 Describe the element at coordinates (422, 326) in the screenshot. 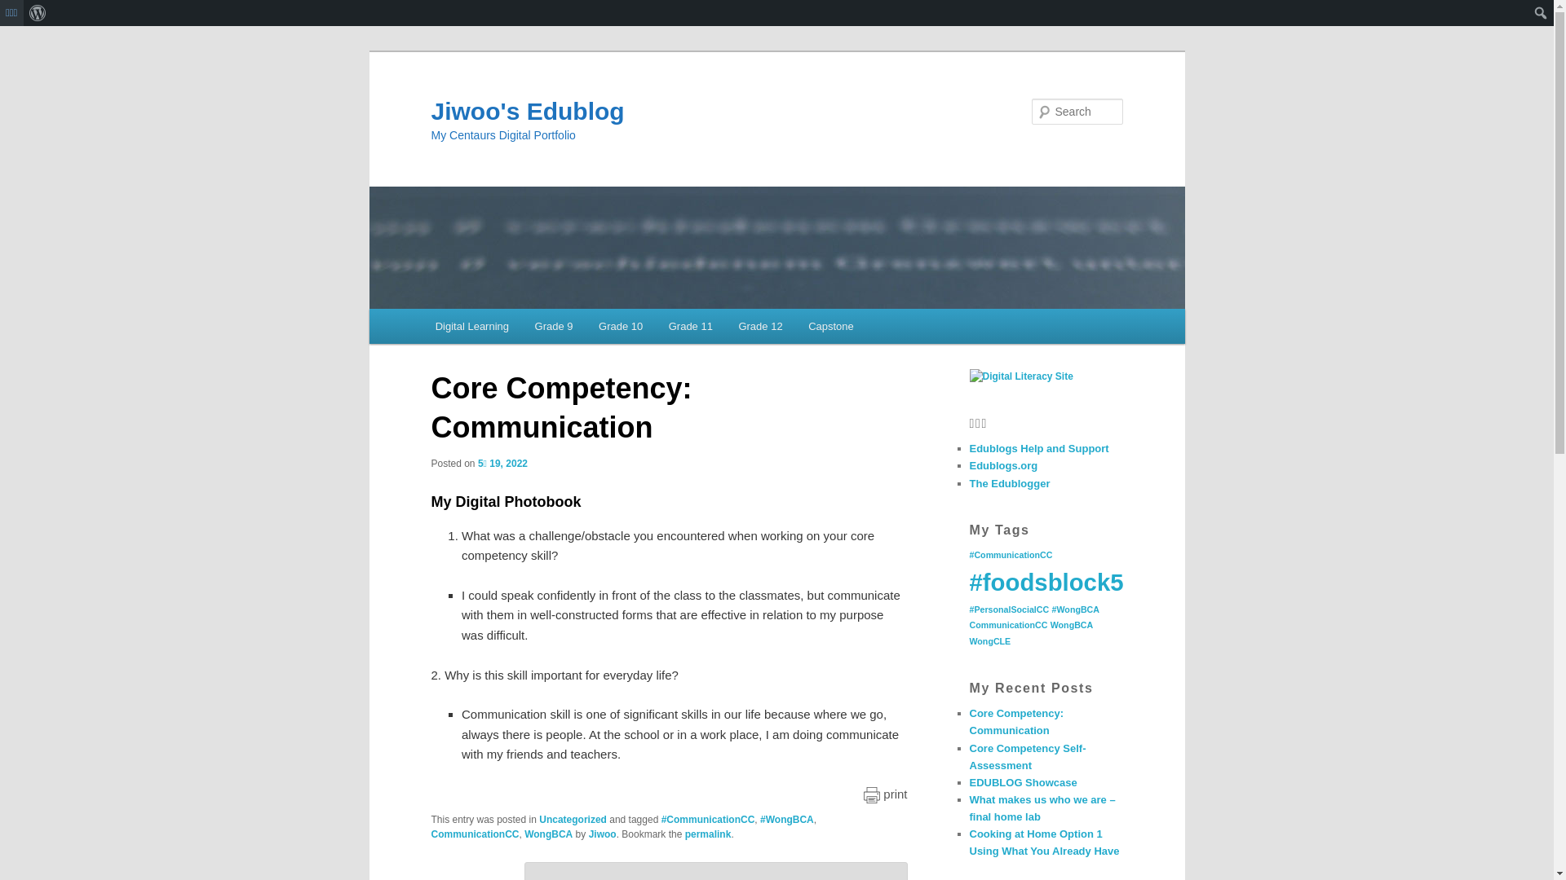

I see `'Digital Learning'` at that location.